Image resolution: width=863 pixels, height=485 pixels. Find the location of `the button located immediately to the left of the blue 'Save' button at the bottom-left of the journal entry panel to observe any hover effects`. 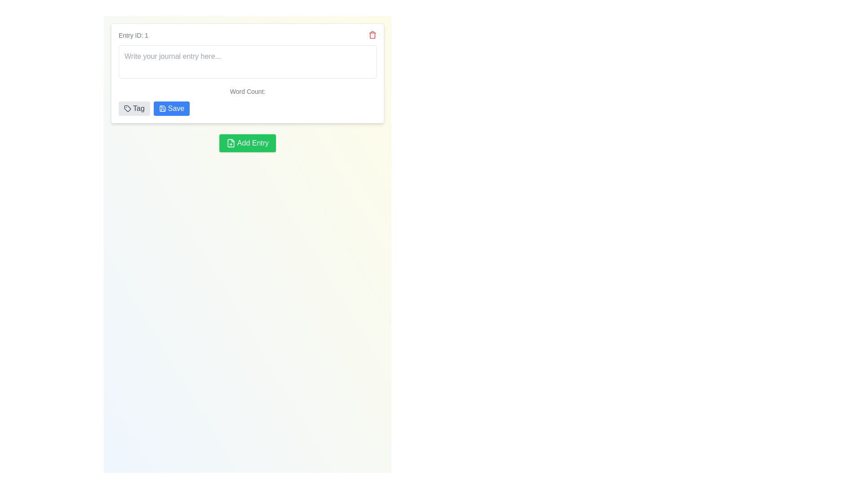

the button located immediately to the left of the blue 'Save' button at the bottom-left of the journal entry panel to observe any hover effects is located at coordinates (133, 108).